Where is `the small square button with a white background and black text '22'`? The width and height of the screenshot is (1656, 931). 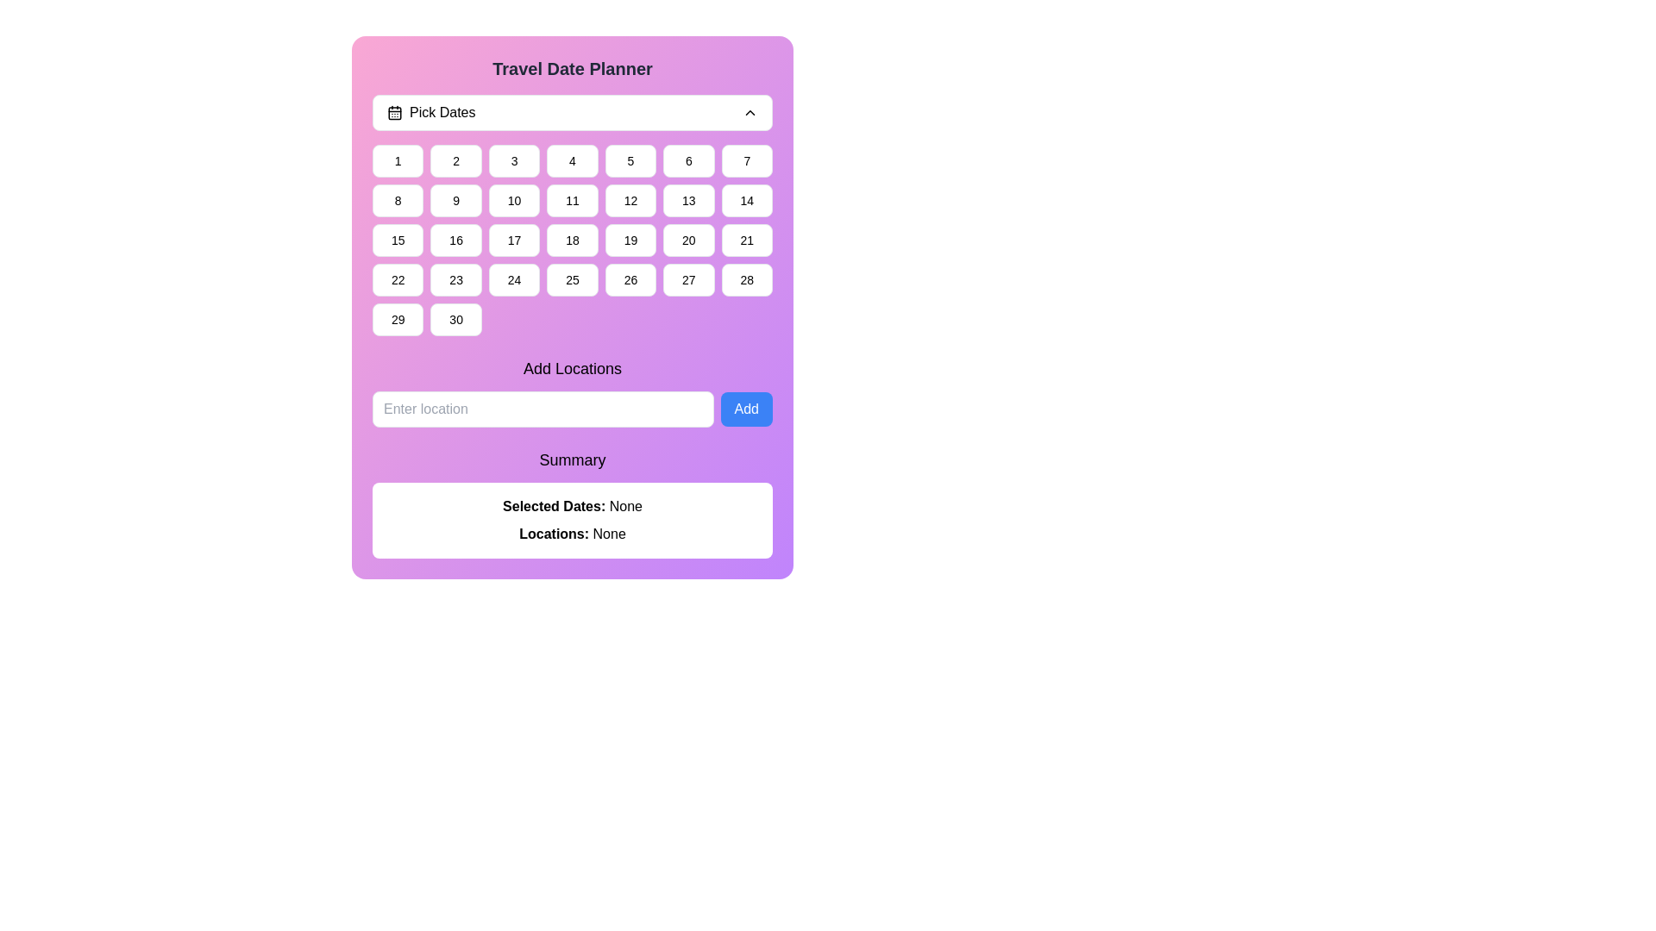 the small square button with a white background and black text '22' is located at coordinates (397, 278).